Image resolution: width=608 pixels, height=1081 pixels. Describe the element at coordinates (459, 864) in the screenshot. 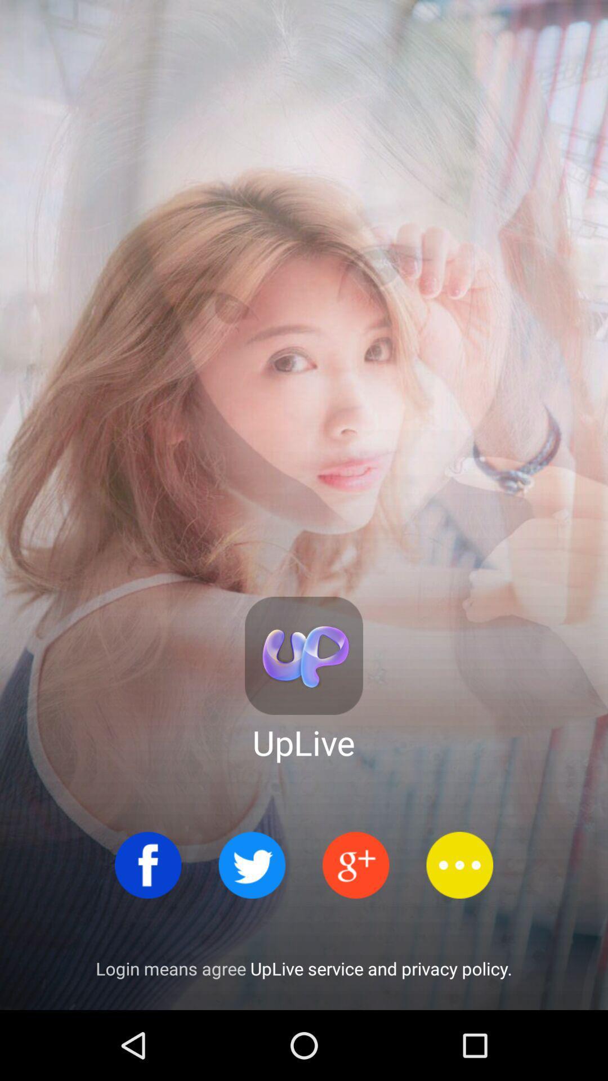

I see `the more icon` at that location.